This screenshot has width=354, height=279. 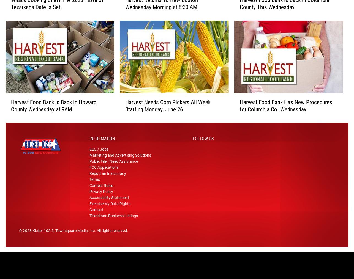 What do you see at coordinates (113, 218) in the screenshot?
I see `'Texarkana Business Listings'` at bounding box center [113, 218].